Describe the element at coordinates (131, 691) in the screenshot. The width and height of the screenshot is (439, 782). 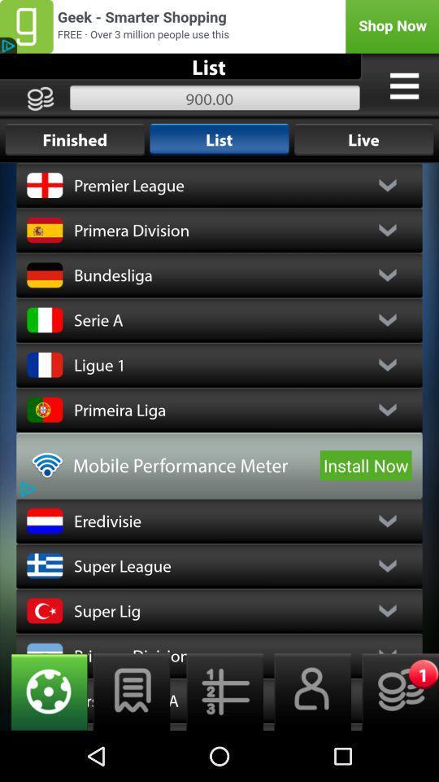
I see `the item above the  fa cup icon` at that location.